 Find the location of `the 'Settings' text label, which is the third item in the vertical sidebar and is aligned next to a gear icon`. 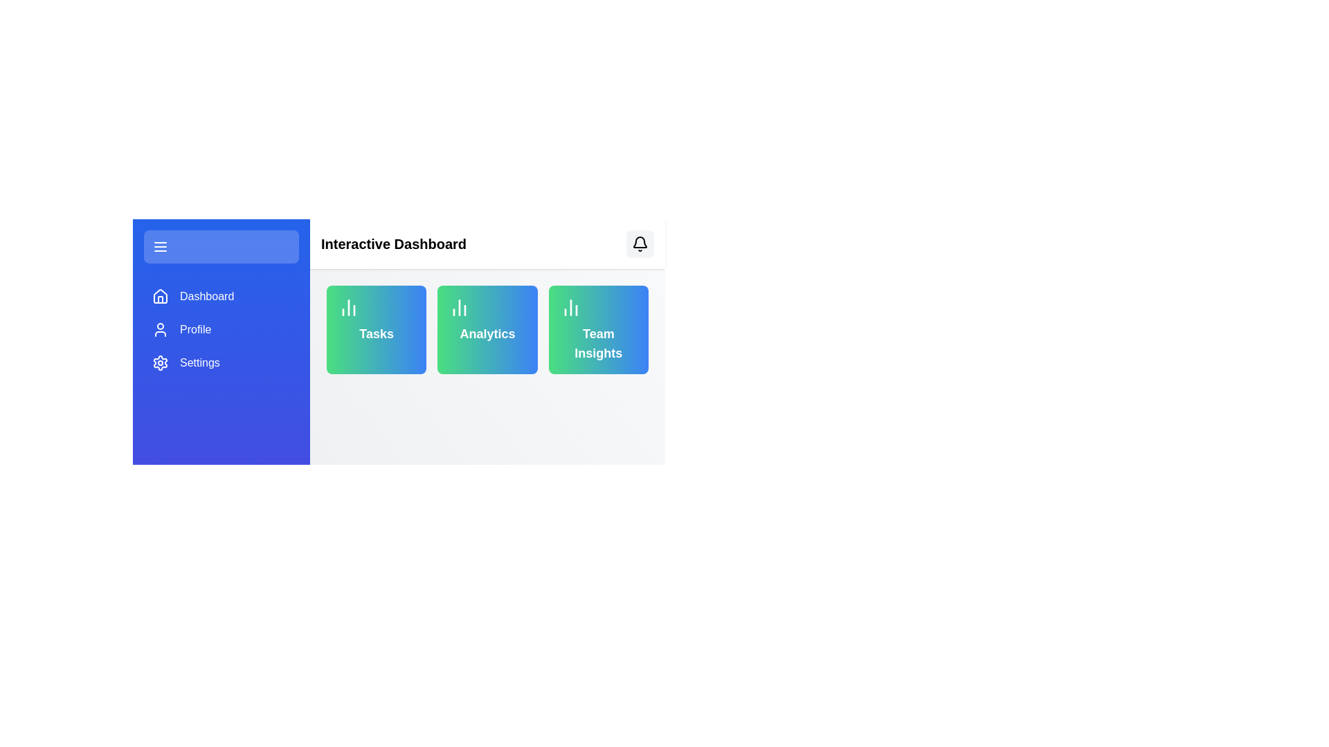

the 'Settings' text label, which is the third item in the vertical sidebar and is aligned next to a gear icon is located at coordinates (199, 362).